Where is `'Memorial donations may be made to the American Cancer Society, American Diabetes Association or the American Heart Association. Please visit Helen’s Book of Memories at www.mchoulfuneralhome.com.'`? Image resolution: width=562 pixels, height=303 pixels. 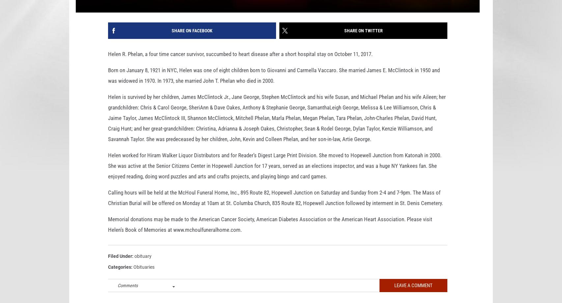
'Memorial donations may be made to the American Cancer Society, American Diabetes Association or the American Heart Association. Please visit Helen’s Book of Memories at www.mchoulfuneralhome.com.' is located at coordinates (270, 234).